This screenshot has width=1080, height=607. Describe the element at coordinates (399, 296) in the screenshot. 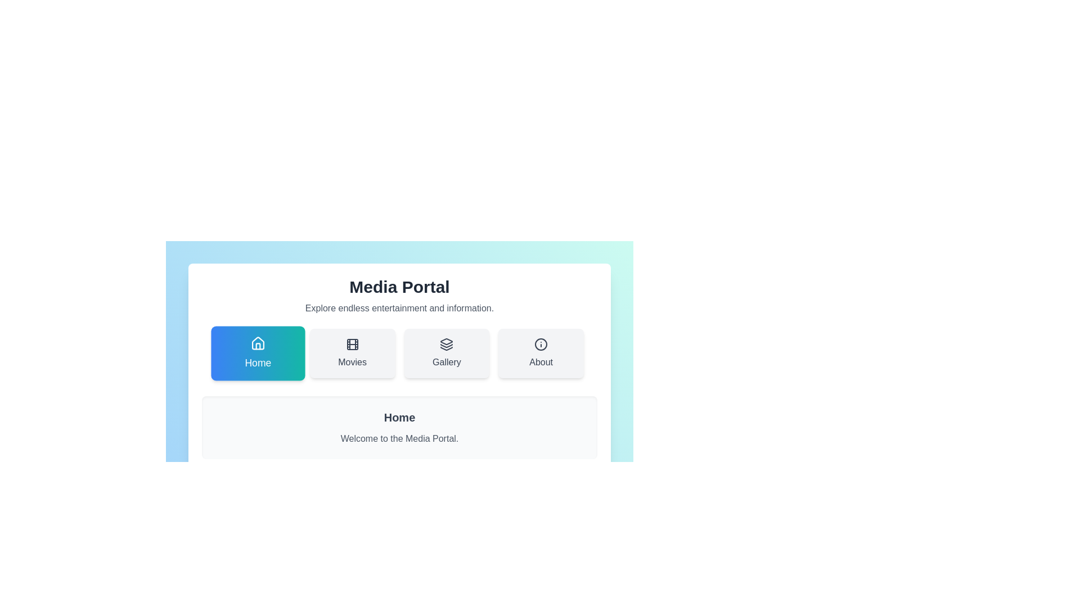

I see `static text element titled 'Media Portal' with the subtitle 'Explore endless entertainment and information.' located at the top-center of the card section` at that location.